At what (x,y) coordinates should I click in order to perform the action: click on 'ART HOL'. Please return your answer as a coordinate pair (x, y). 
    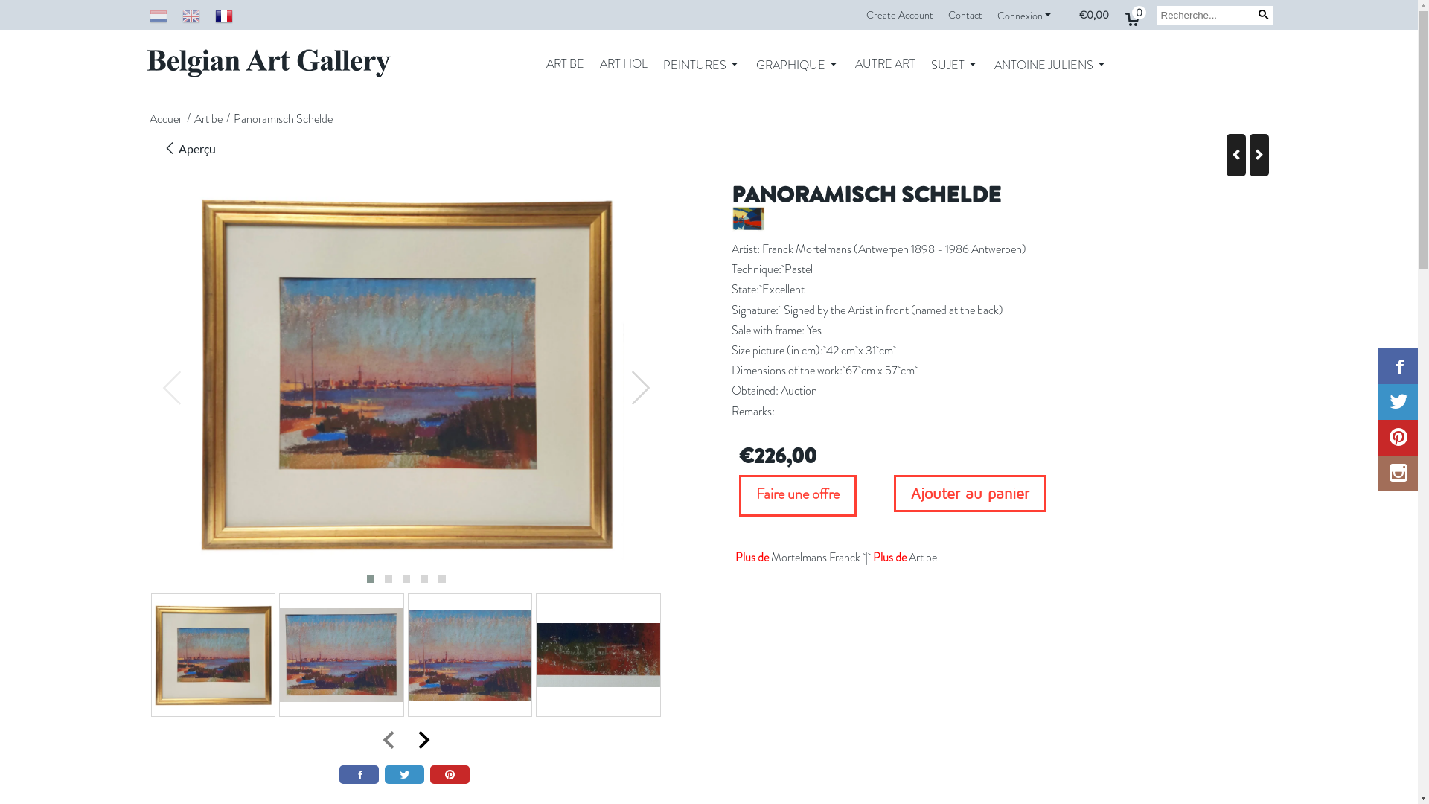
    Looking at the image, I should click on (624, 63).